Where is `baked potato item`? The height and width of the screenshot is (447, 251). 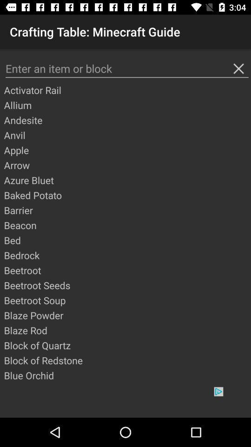 baked potato item is located at coordinates (126, 195).